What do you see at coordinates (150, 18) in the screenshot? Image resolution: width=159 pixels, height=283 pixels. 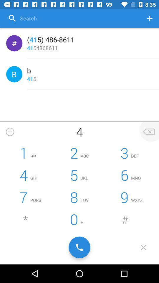 I see `to contacts` at bounding box center [150, 18].